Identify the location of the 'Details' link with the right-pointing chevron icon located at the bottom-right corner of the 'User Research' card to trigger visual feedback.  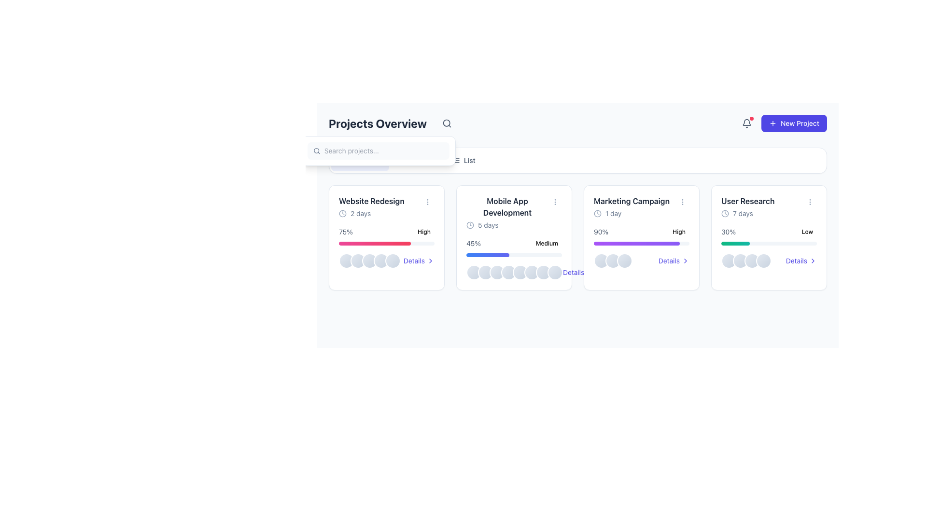
(801, 260).